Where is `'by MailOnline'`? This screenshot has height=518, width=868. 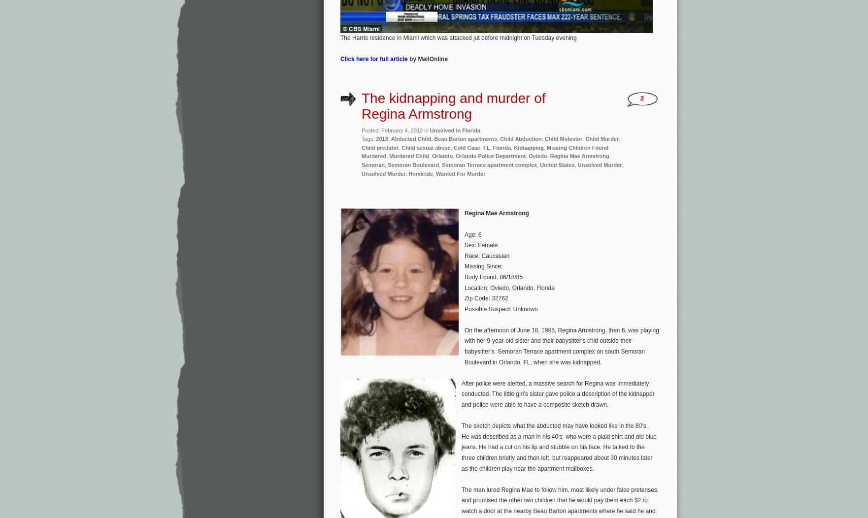 'by MailOnline' is located at coordinates (427, 59).